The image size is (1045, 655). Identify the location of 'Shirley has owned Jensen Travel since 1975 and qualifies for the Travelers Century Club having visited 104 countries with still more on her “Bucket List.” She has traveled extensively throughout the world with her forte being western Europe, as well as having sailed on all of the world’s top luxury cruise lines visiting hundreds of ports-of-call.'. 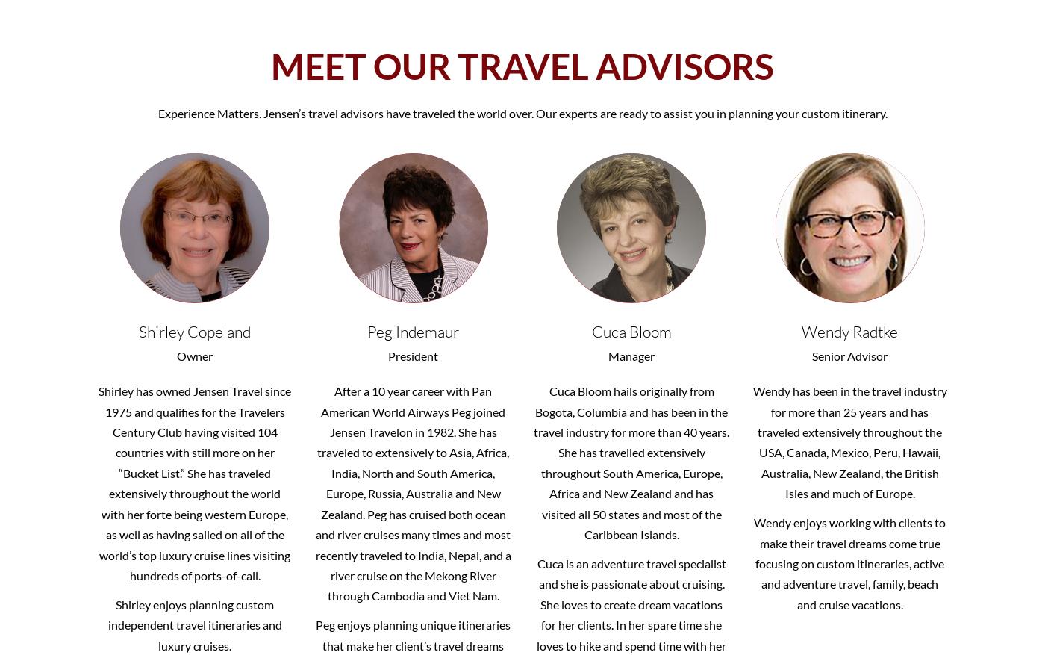
(194, 482).